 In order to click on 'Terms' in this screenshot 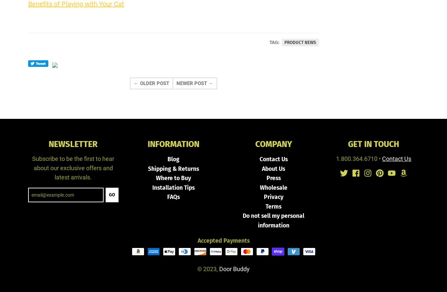, I will do `click(266, 206)`.